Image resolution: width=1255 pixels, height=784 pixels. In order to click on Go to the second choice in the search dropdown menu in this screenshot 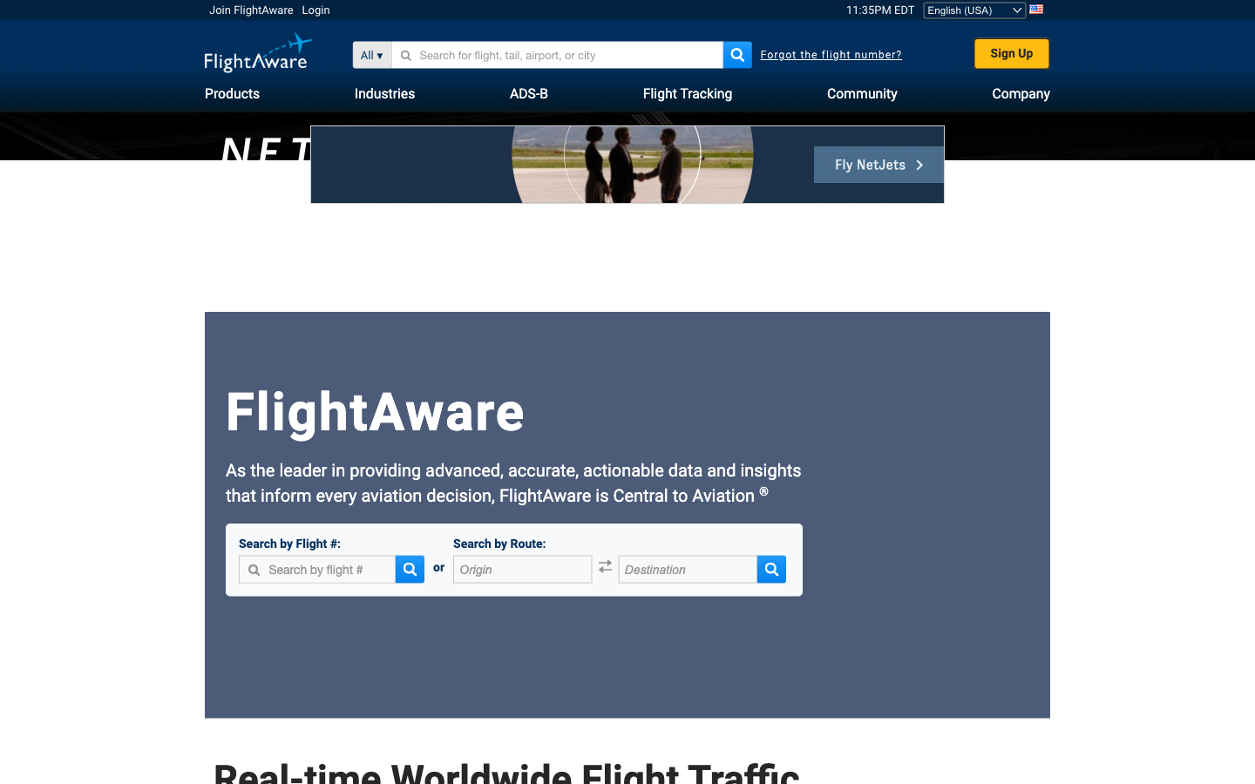, I will do `click(413, 54)`.